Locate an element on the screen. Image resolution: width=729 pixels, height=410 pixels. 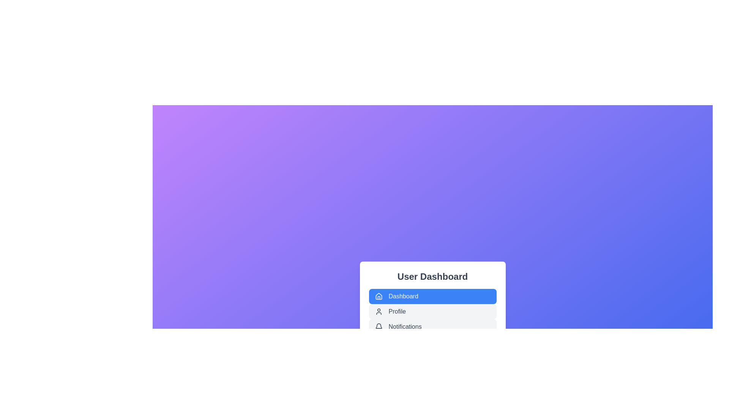
the 'Dashboard' navigation button located in the vertical navigation list to redirect to the dashboard section of the application is located at coordinates (432, 296).